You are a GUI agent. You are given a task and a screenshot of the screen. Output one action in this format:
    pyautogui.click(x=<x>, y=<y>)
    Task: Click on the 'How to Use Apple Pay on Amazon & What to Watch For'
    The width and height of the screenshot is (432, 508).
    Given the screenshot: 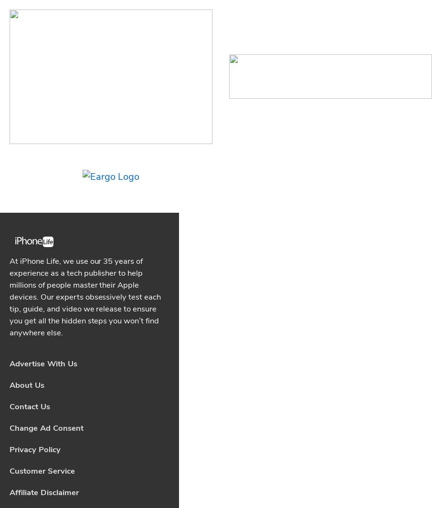 What is the action you would take?
    pyautogui.click(x=85, y=342)
    